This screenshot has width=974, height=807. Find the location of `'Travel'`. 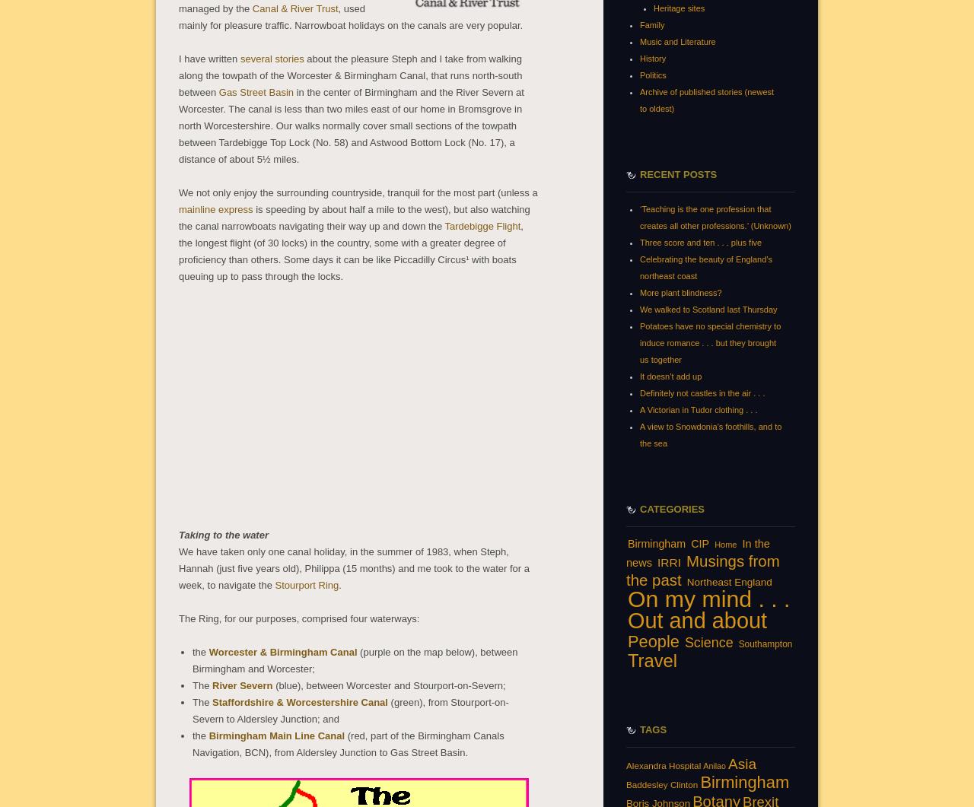

'Travel' is located at coordinates (652, 660).